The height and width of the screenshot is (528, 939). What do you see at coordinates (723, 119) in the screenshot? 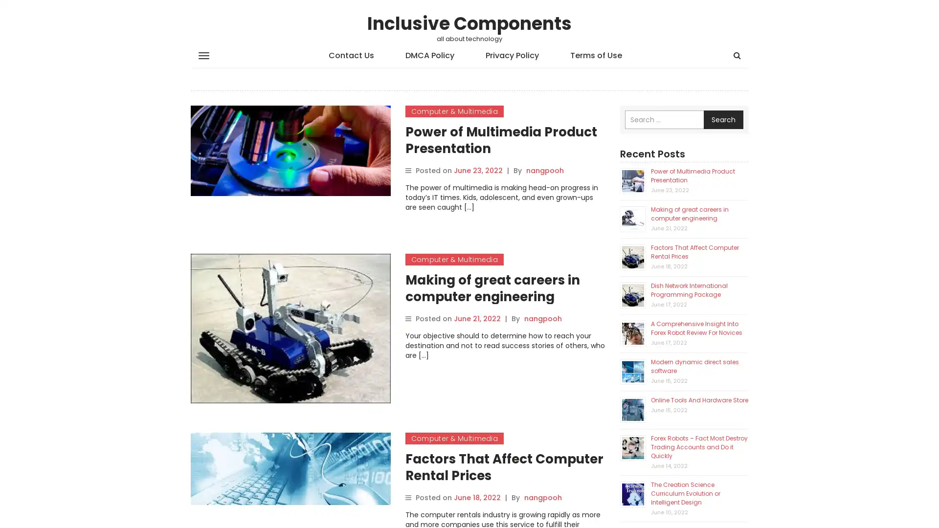
I see `Search` at bounding box center [723, 119].